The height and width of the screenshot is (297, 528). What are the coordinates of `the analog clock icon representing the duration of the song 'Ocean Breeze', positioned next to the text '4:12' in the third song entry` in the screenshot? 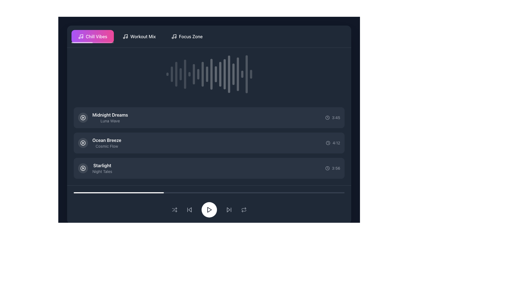 It's located at (328, 143).